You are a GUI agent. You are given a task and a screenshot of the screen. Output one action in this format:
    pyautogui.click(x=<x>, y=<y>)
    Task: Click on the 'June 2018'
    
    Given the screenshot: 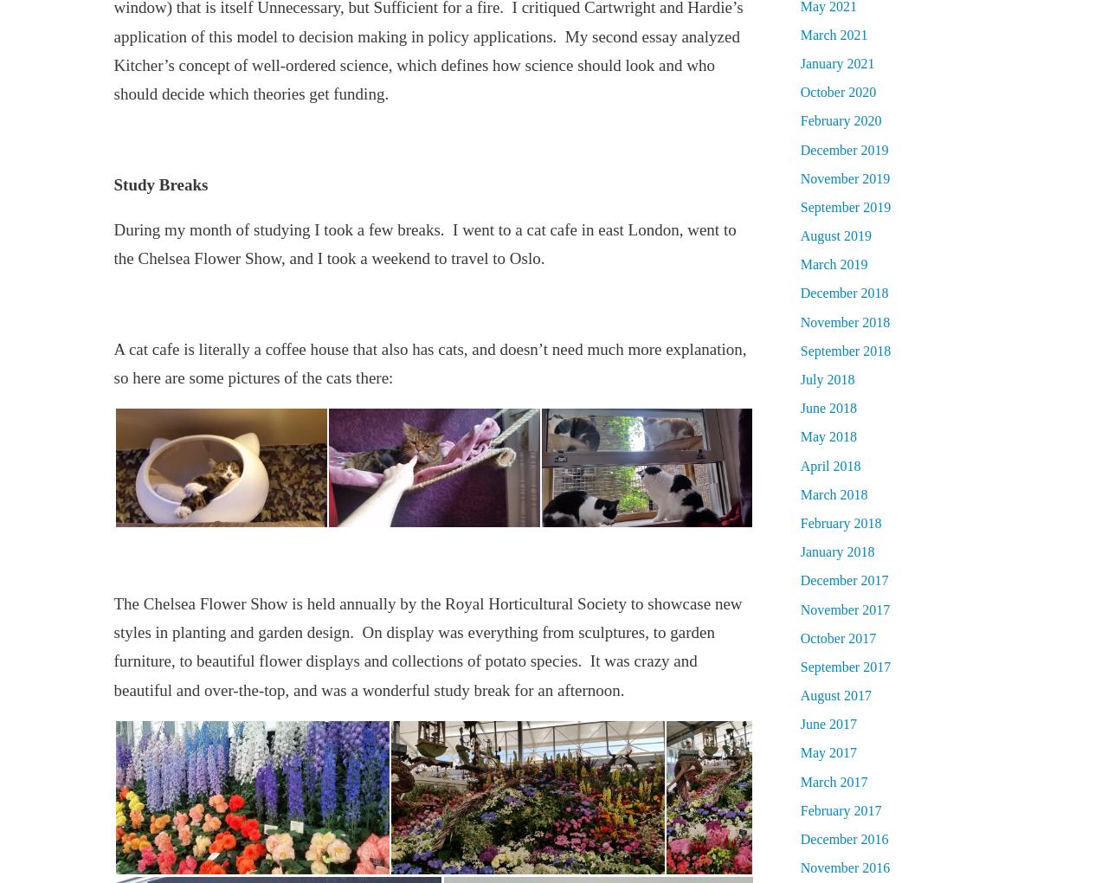 What is the action you would take?
    pyautogui.click(x=799, y=408)
    